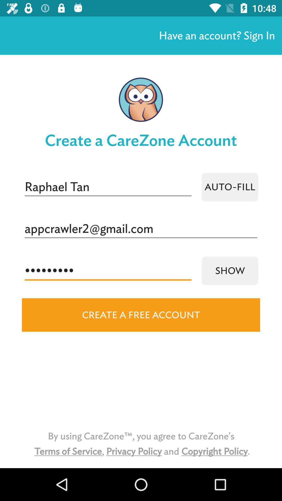  I want to click on the icon above create a free icon, so click(108, 271).